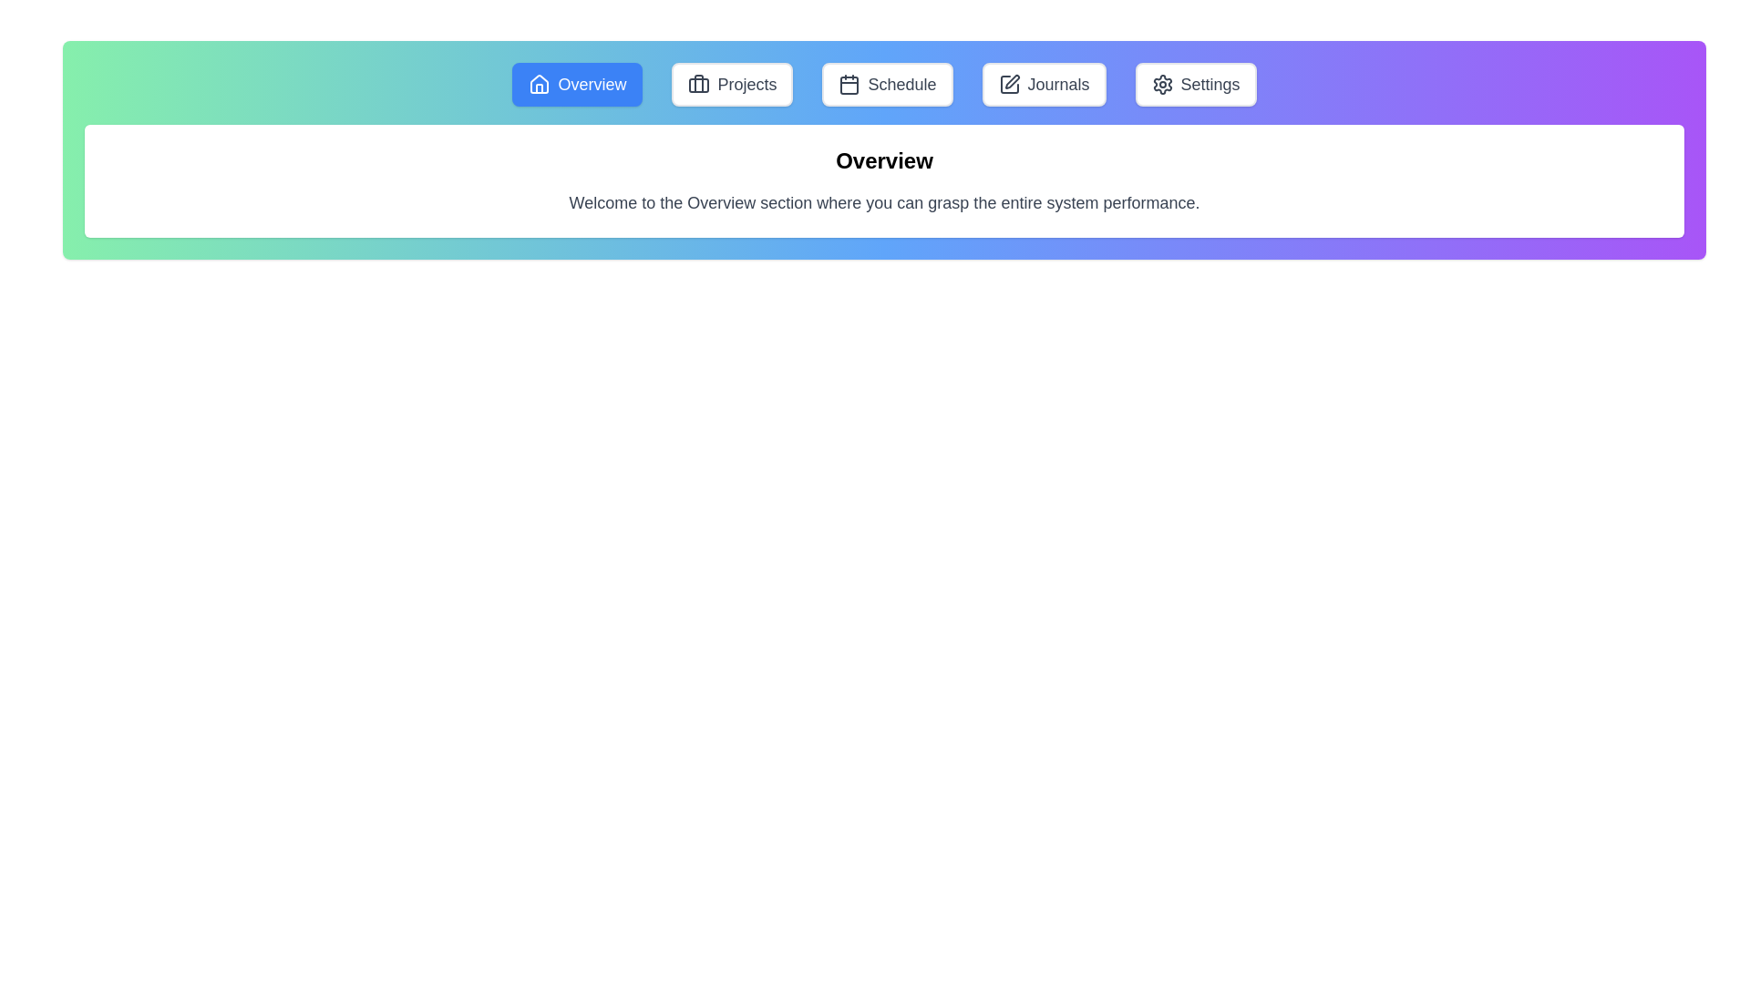 The image size is (1750, 984). Describe the element at coordinates (1161, 84) in the screenshot. I see `the gear-shaped icon representing the settings symbol, located within the button labeled 'Settings'` at that location.